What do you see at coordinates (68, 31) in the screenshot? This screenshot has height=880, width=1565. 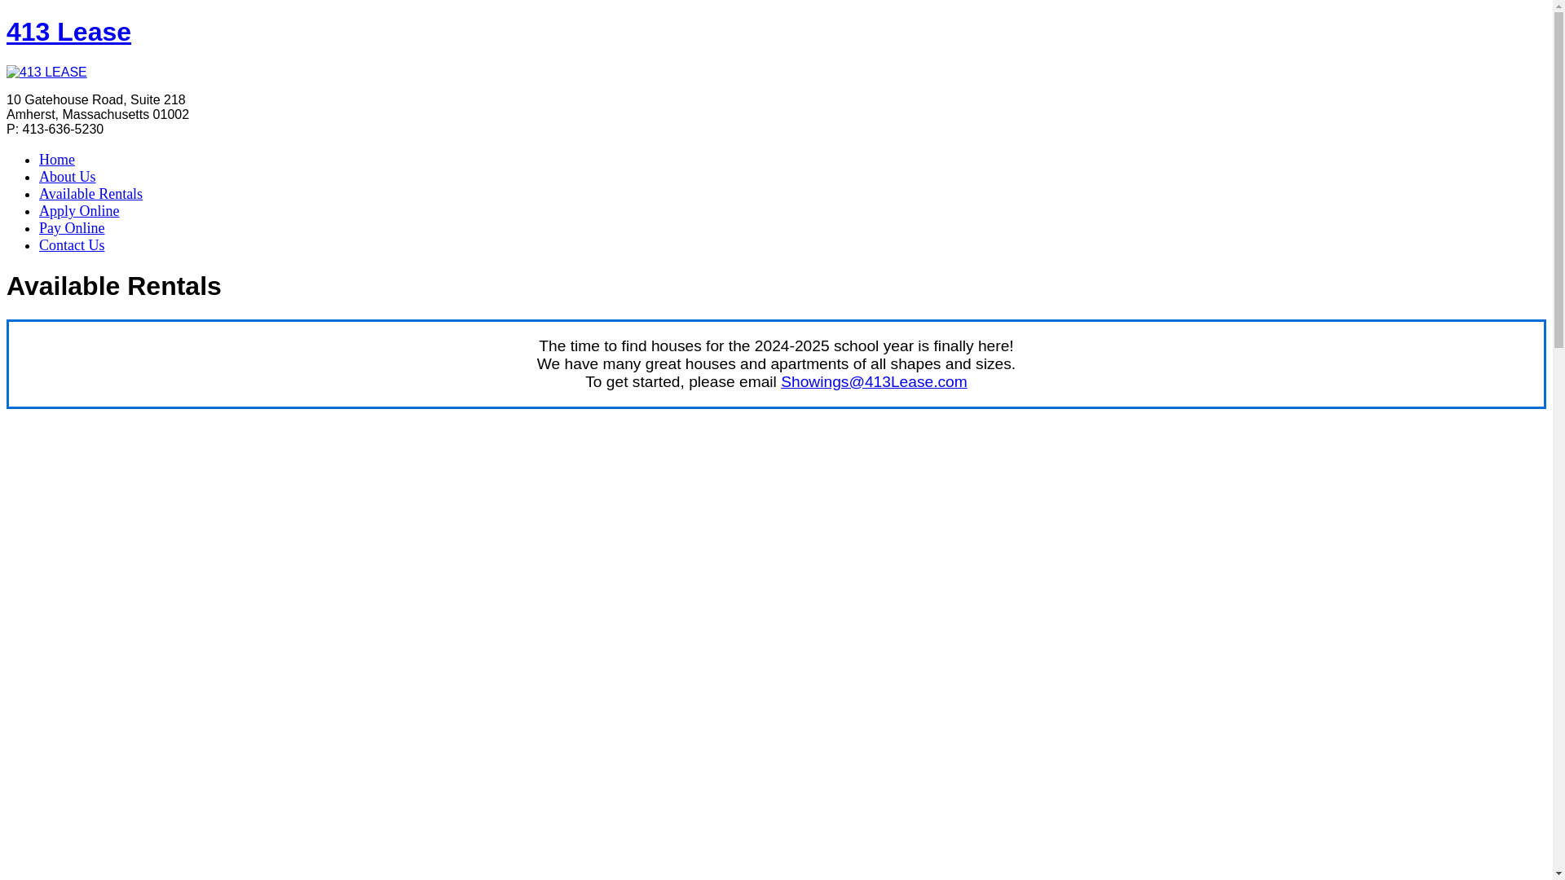 I see `'413 Lease'` at bounding box center [68, 31].